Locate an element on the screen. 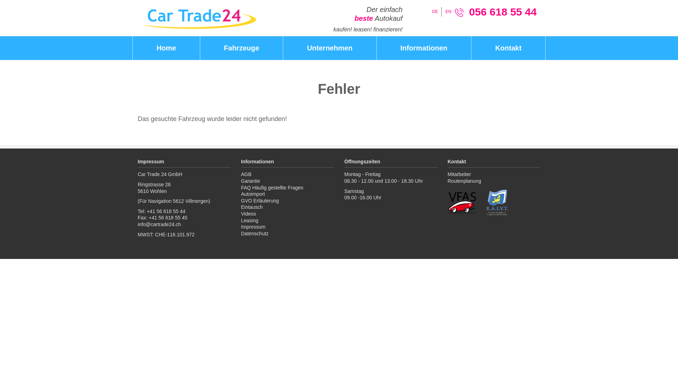 This screenshot has width=678, height=381. 'info@cartrade24.ch' is located at coordinates (159, 224).